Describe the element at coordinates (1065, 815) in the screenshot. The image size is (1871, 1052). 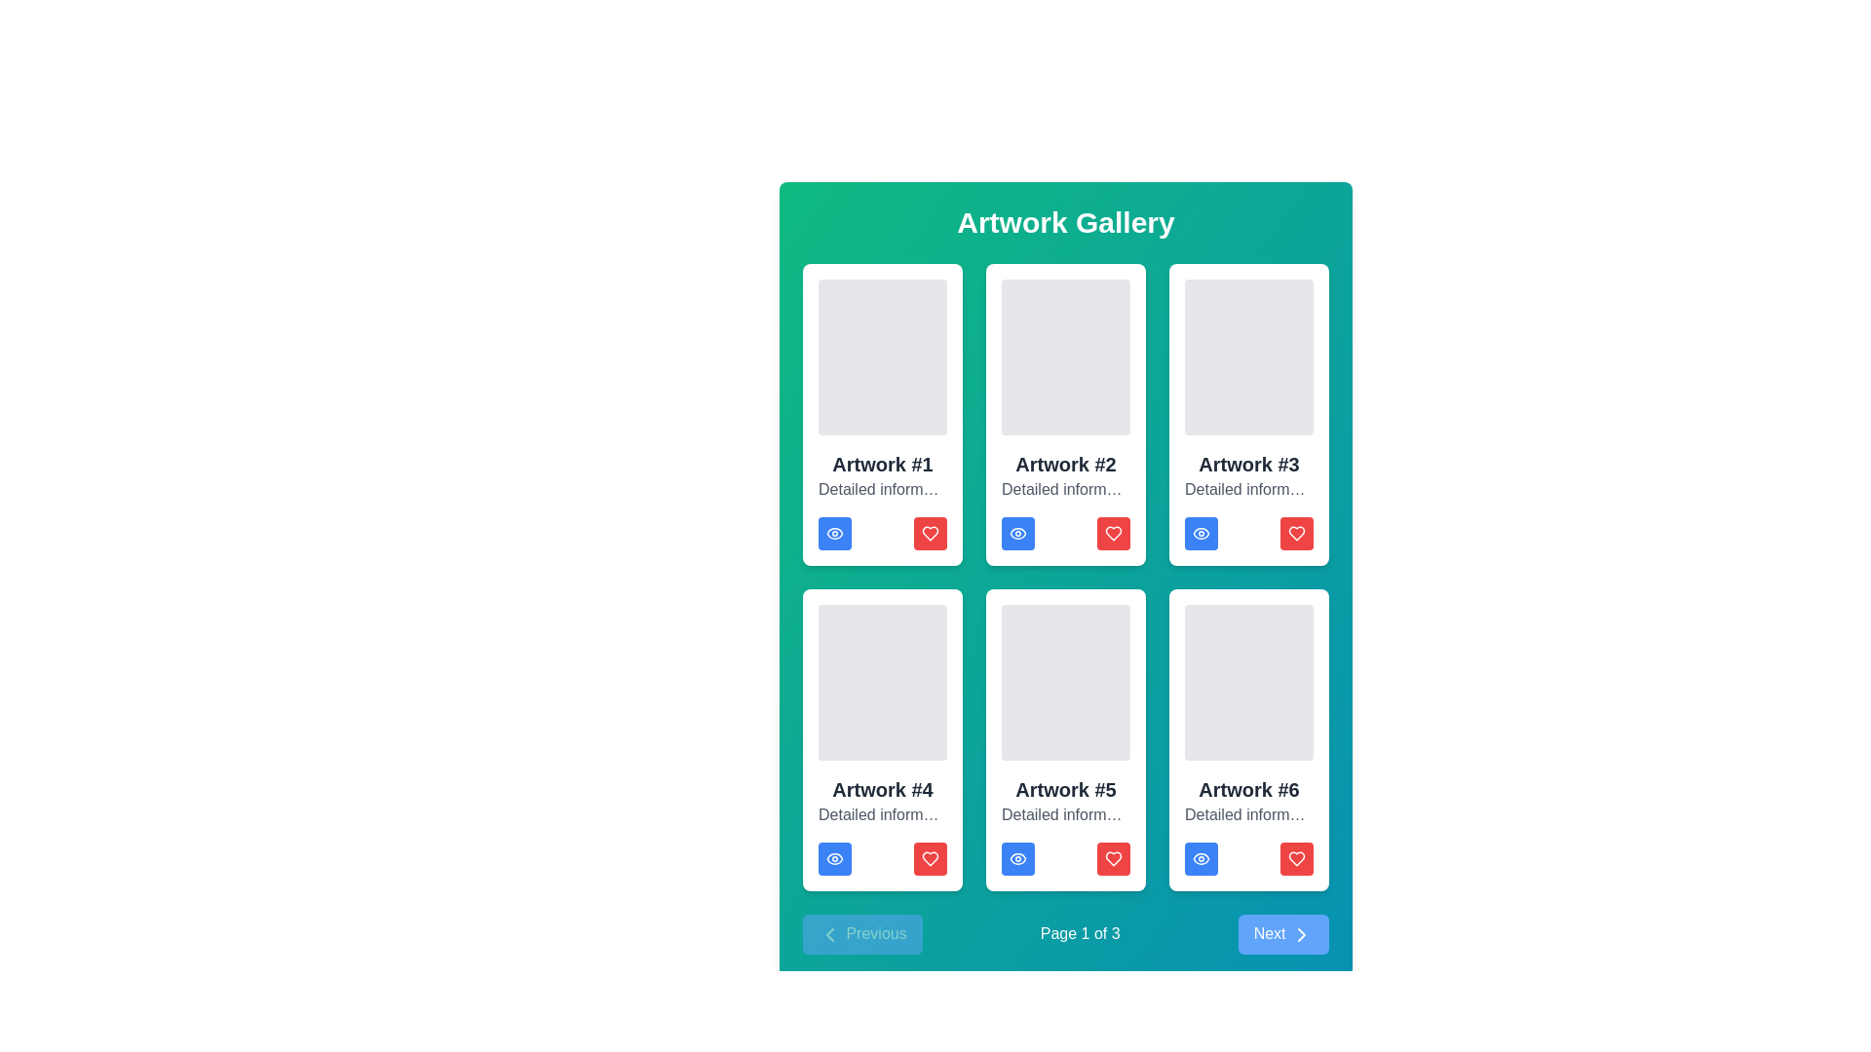
I see `descriptive text label located directly beneath the title 'Artwork #5' in the card representing Artwork #5, positioned in the bottom-middle of the second row of a 3x2 grid layout` at that location.